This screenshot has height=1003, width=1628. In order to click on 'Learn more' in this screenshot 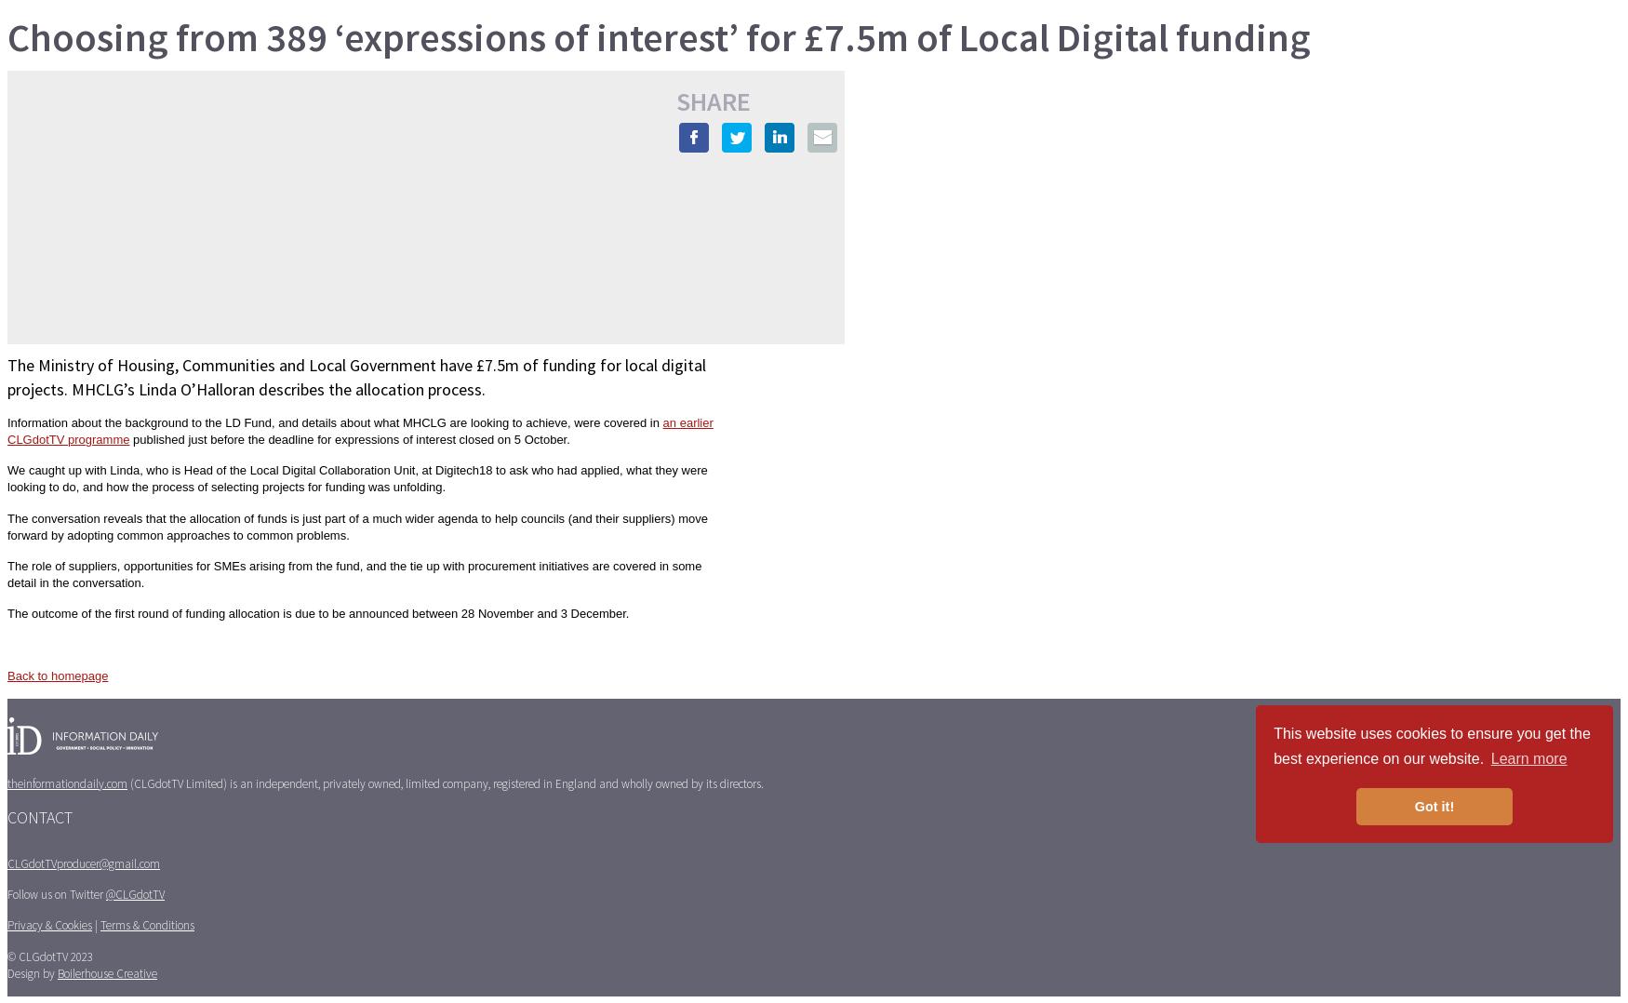, I will do `click(1528, 758)`.